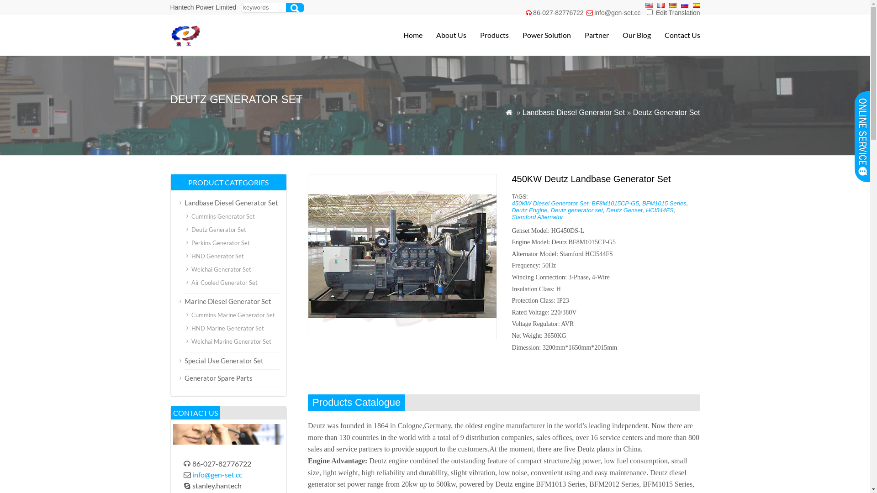 The width and height of the screenshot is (877, 493). Describe the element at coordinates (649, 12) in the screenshot. I see `'1'` at that location.